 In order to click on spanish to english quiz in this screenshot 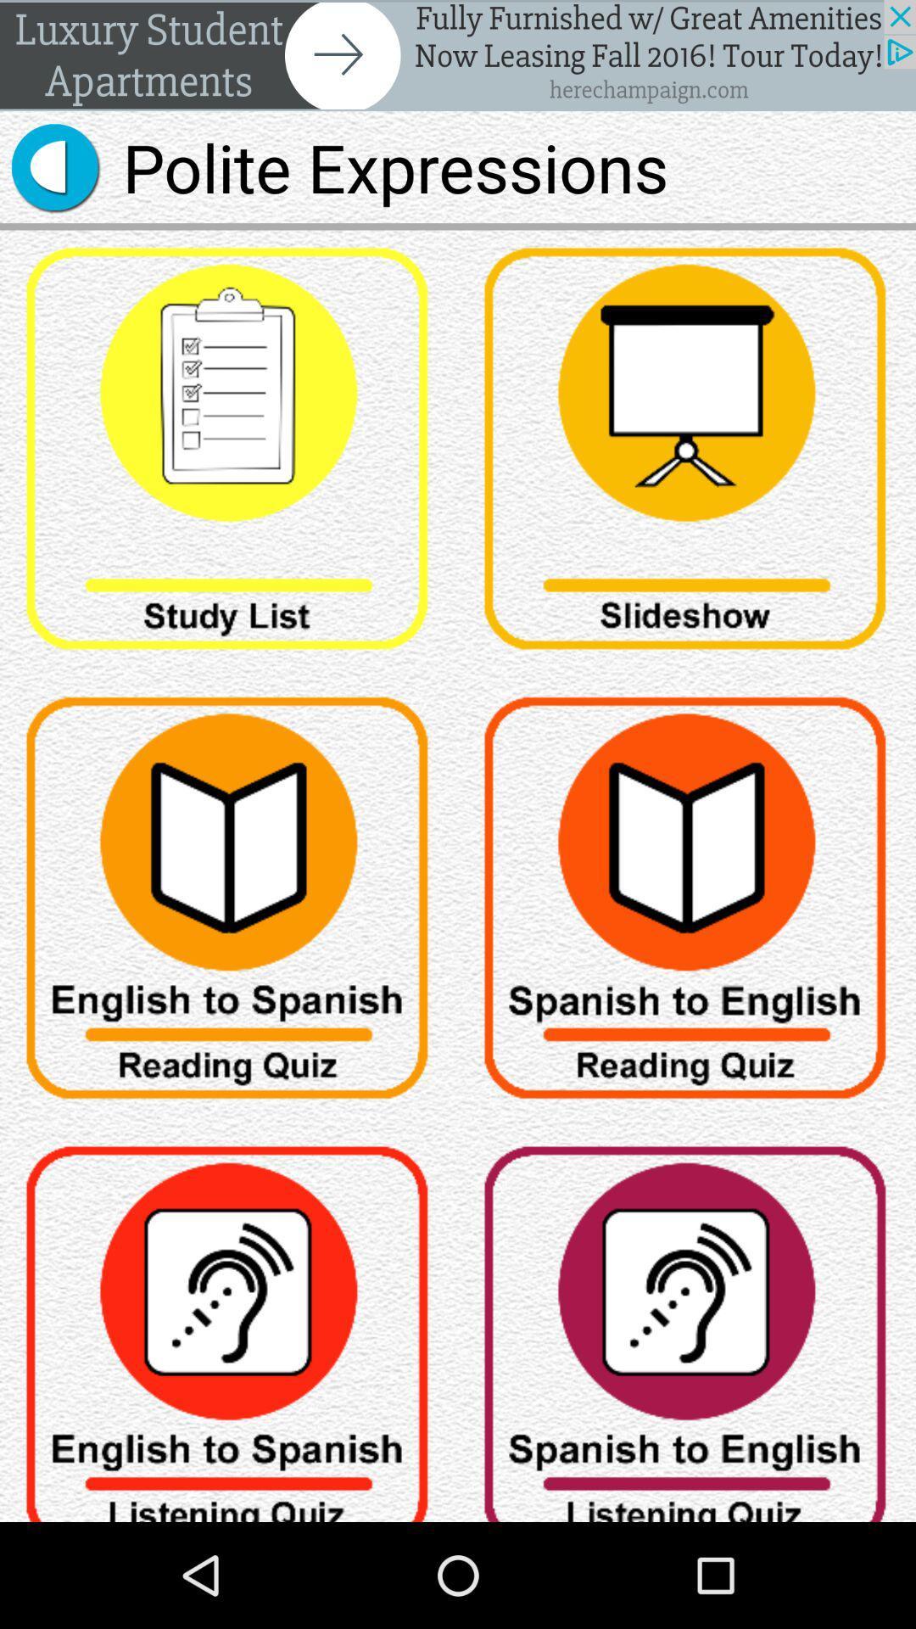, I will do `click(687, 903)`.